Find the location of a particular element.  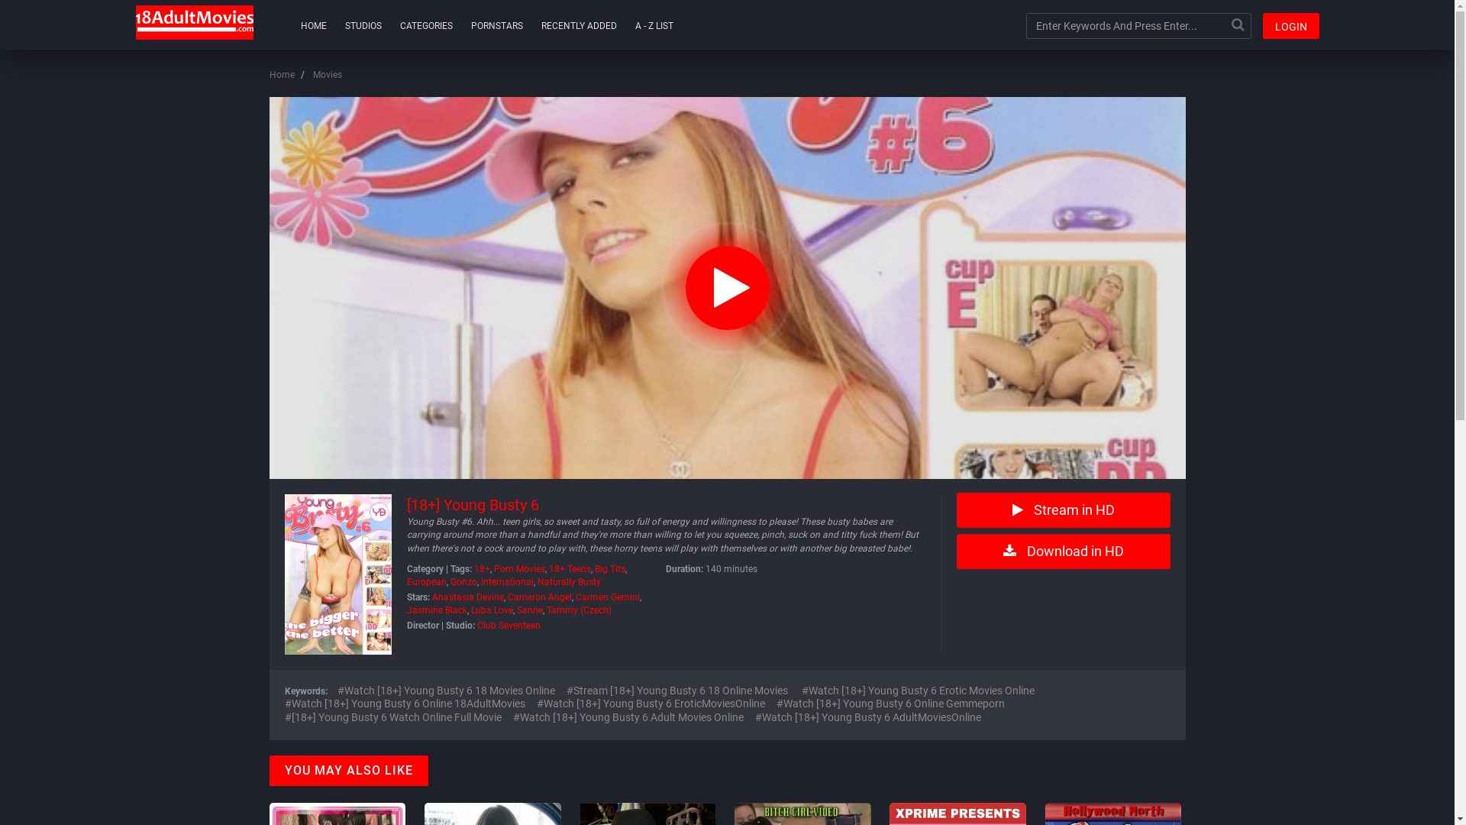

'Cameron Angel' is located at coordinates (538, 597).